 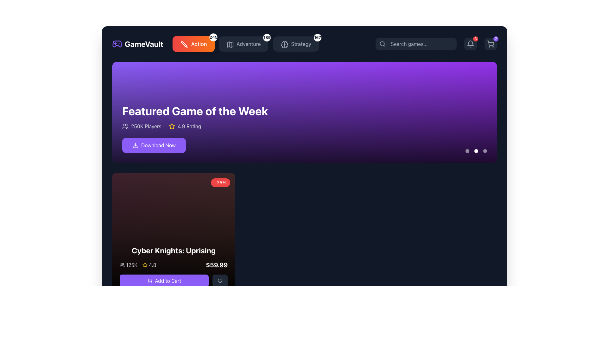 What do you see at coordinates (471, 43) in the screenshot?
I see `the interactive notification icon with a badge showing '3'` at bounding box center [471, 43].